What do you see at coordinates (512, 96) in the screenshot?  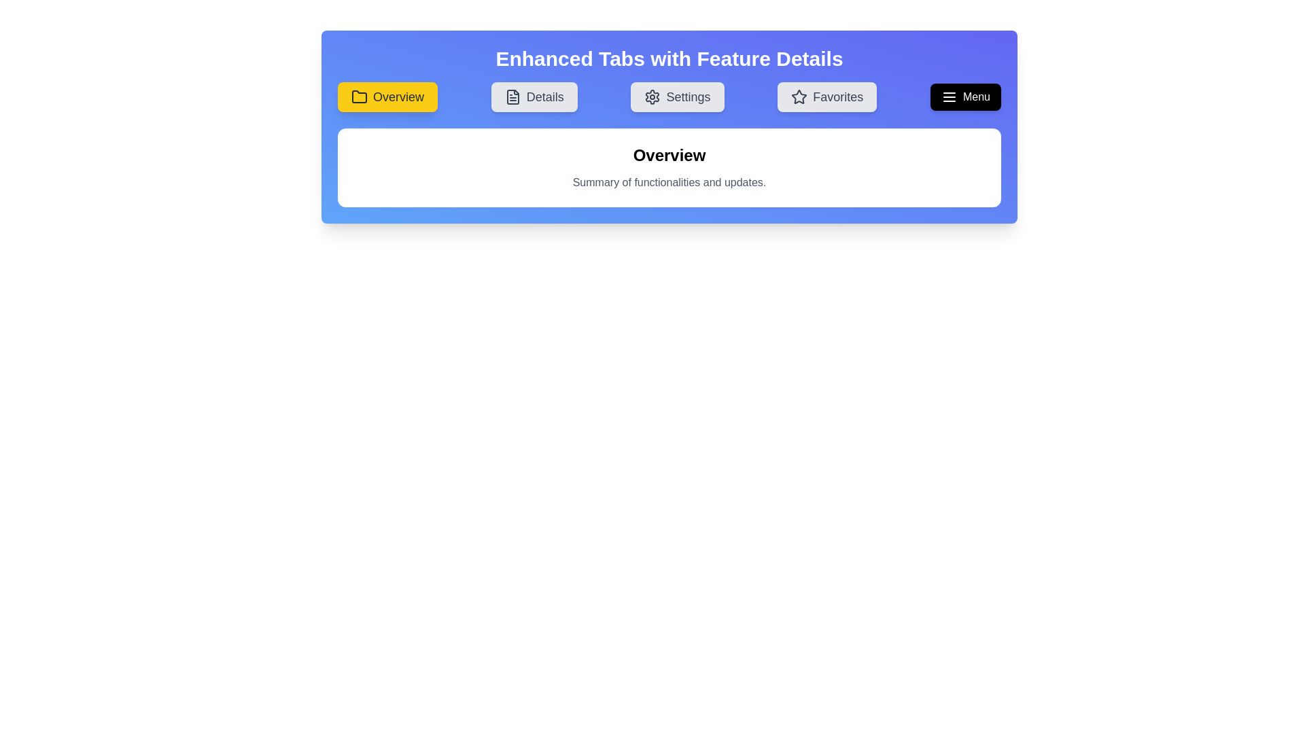 I see `the small document or file icon with a dark gray outline located within the 'Details' button, the second button from the left in the navigation bar at the top of the interface` at bounding box center [512, 96].